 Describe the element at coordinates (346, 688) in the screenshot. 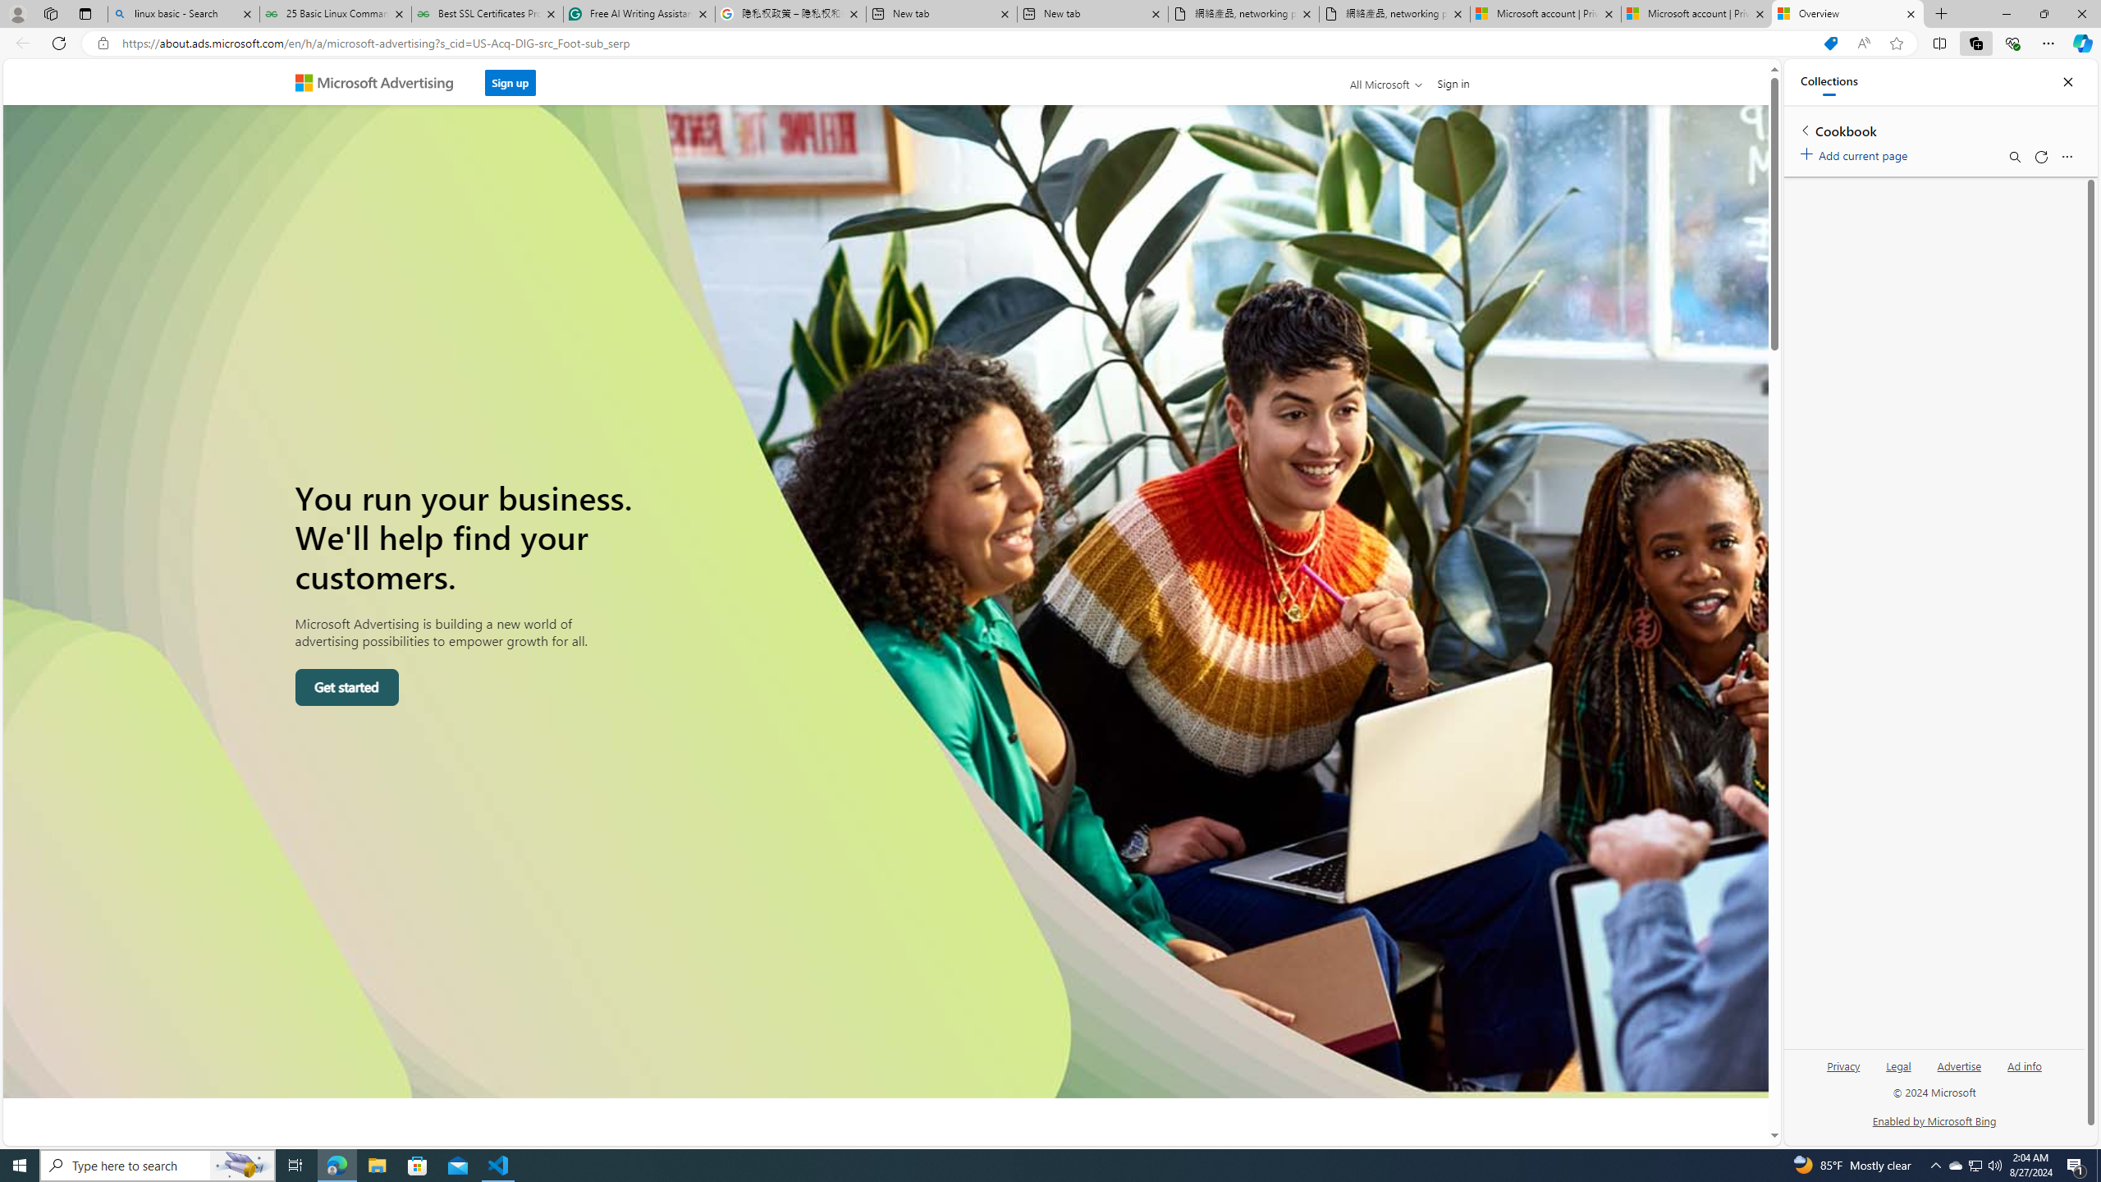

I see `'Get started'` at that location.